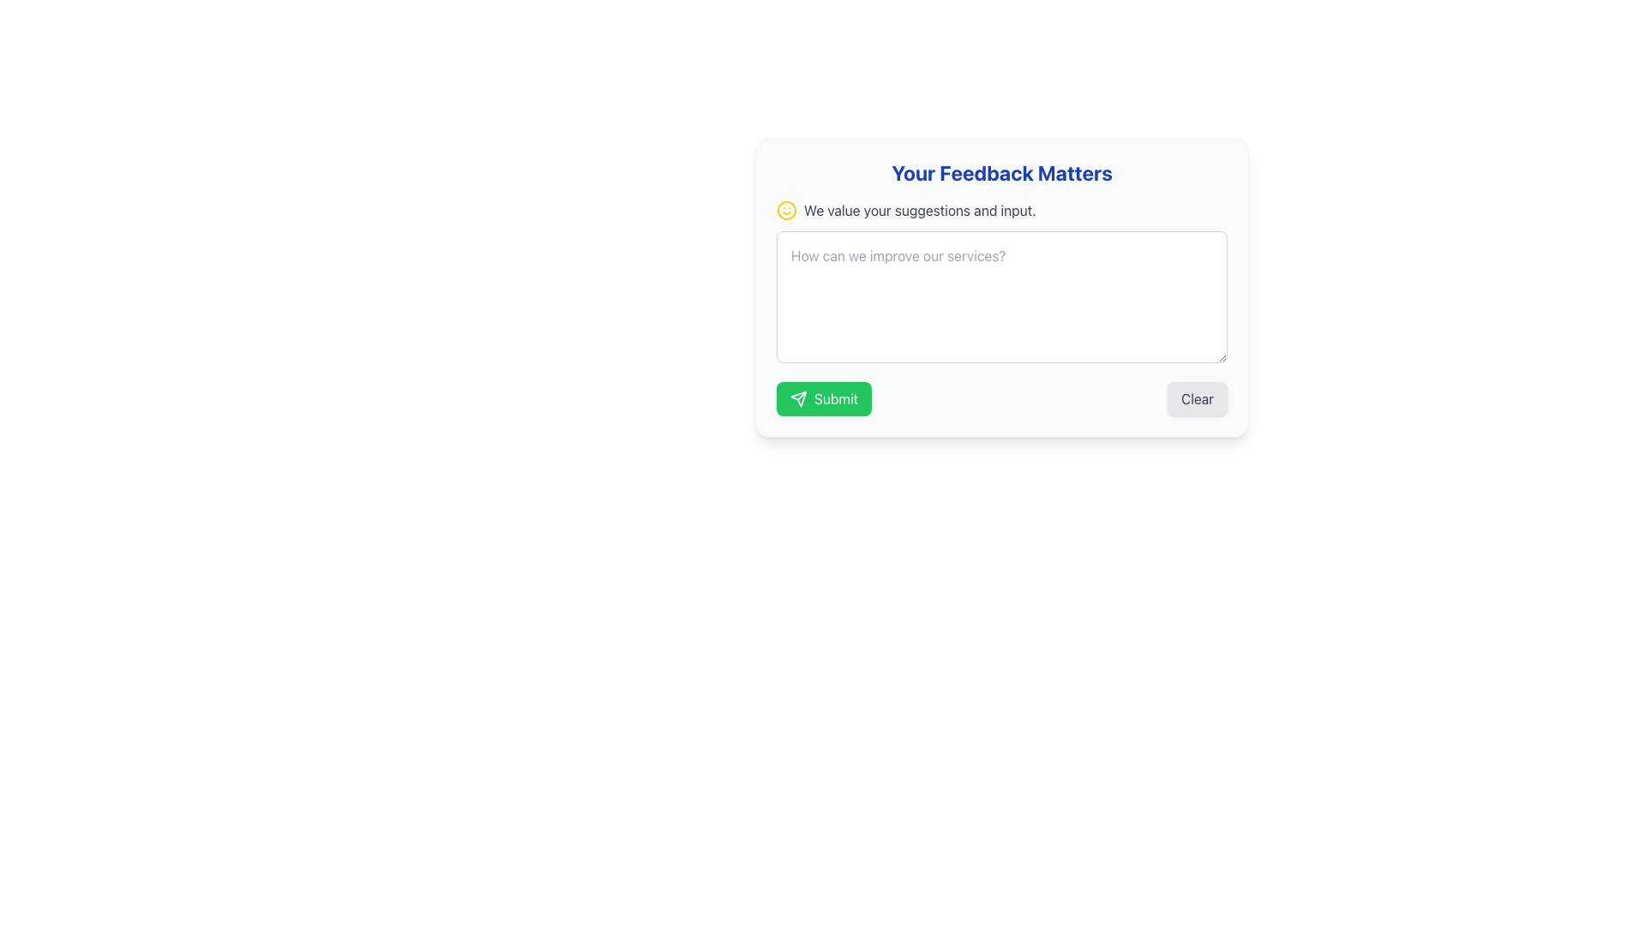 This screenshot has height=925, width=1646. I want to click on text element that serves as a decorative and informational label encouraging users to provide feedback, located below the header 'Your Feedback Matters' and above the textarea for feedback input, so click(1002, 210).